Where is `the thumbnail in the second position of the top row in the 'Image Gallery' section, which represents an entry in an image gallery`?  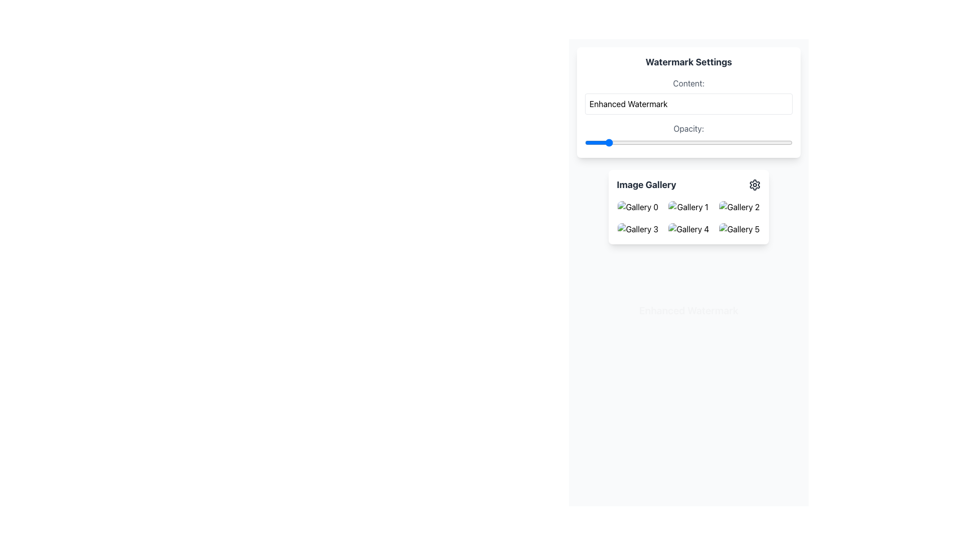 the thumbnail in the second position of the top row in the 'Image Gallery' section, which represents an entry in an image gallery is located at coordinates (688, 207).